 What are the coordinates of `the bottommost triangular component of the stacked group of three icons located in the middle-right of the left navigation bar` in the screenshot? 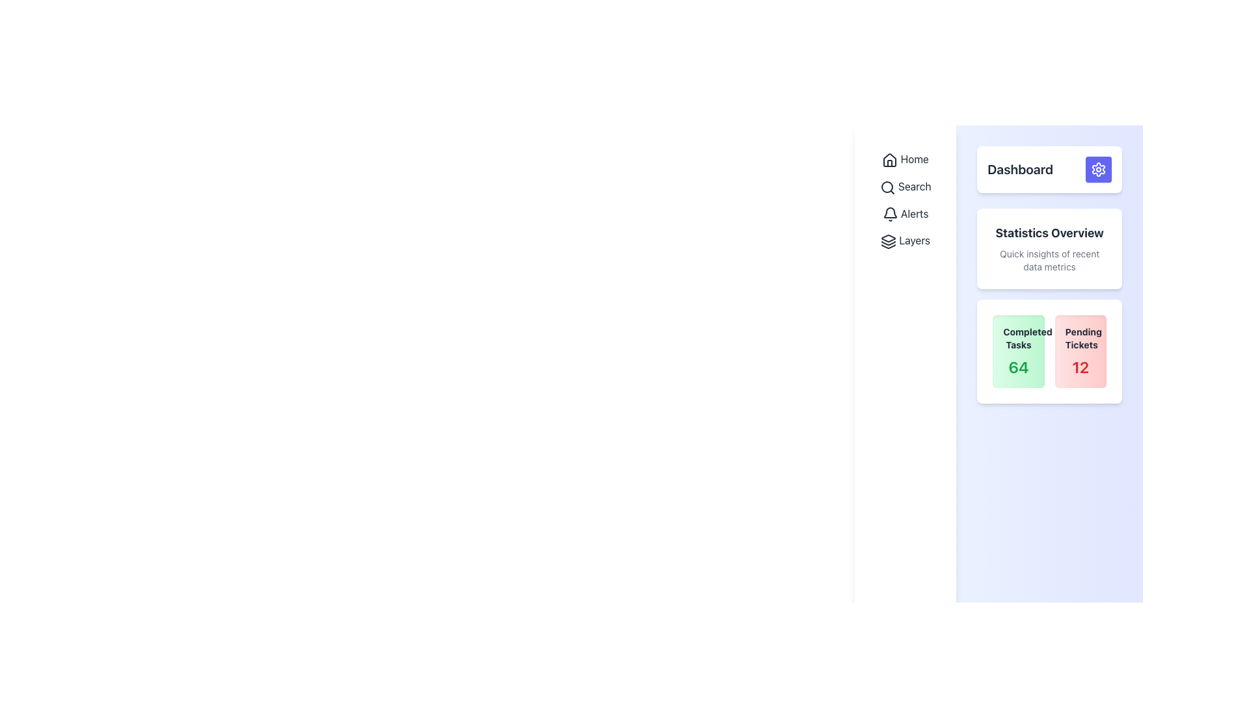 It's located at (888, 246).